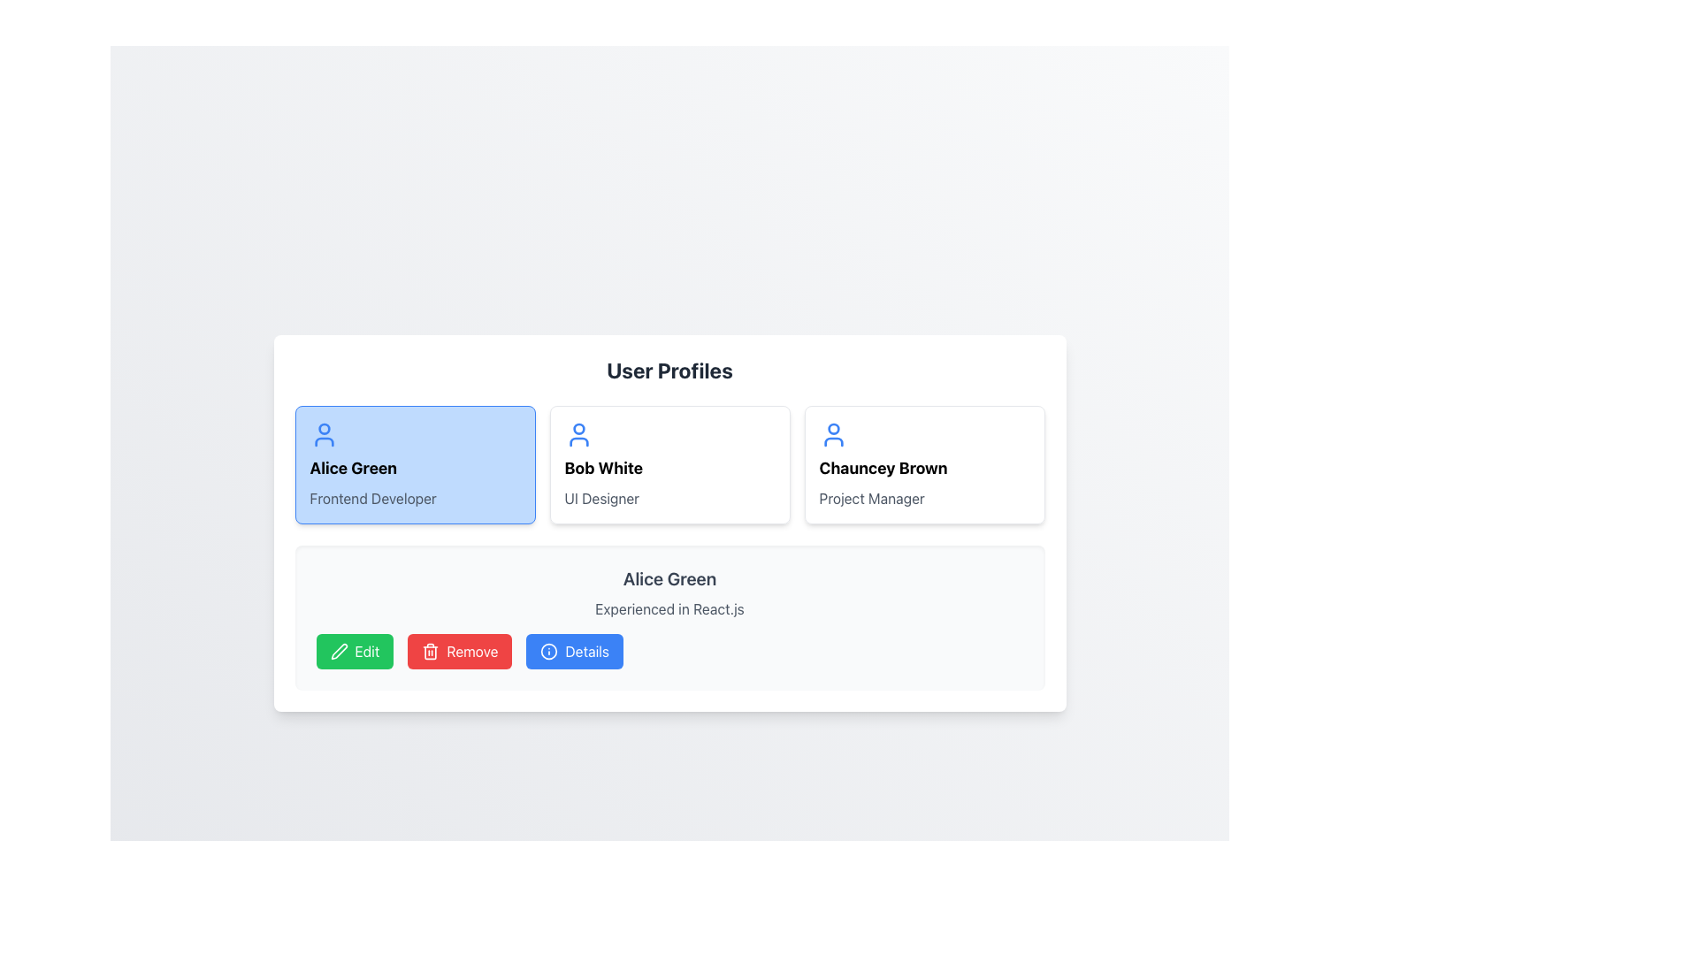 This screenshot has height=955, width=1698. I want to click on the Text Label displaying 'React.js' below the 'Alice Green' label, which provides context about the user's expertise, so click(669, 608).